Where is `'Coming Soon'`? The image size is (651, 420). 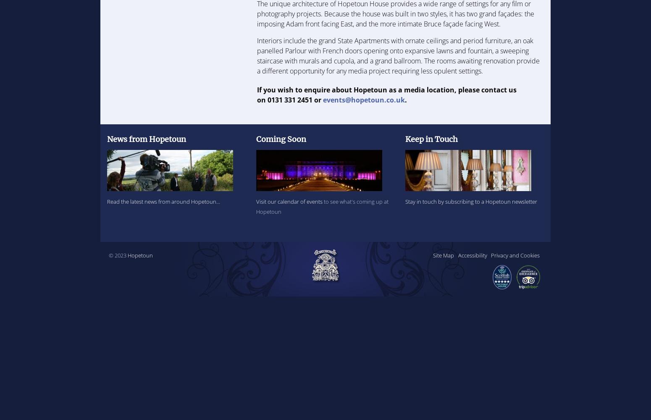
'Coming Soon' is located at coordinates (280, 138).